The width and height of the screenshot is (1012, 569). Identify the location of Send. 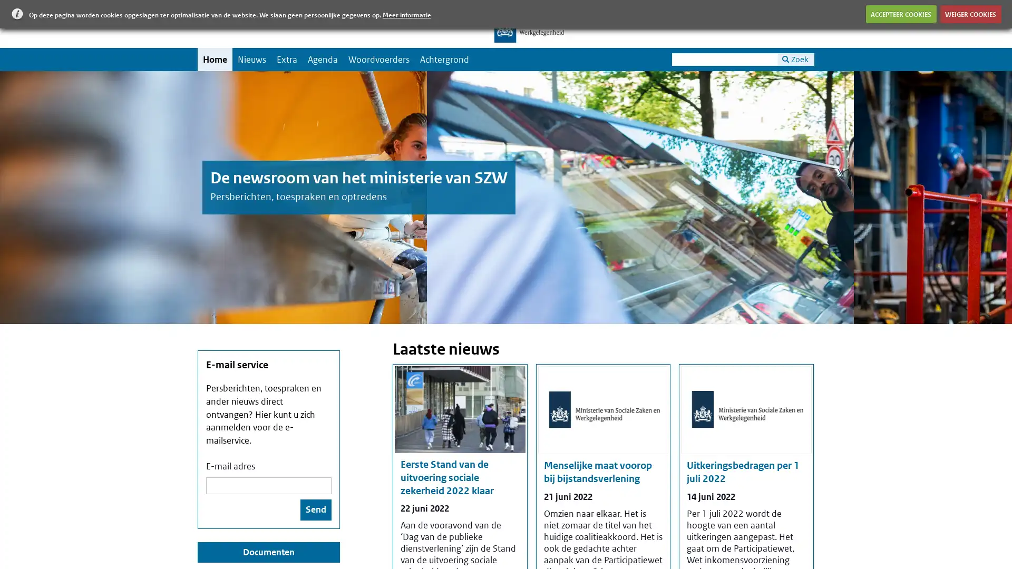
(315, 509).